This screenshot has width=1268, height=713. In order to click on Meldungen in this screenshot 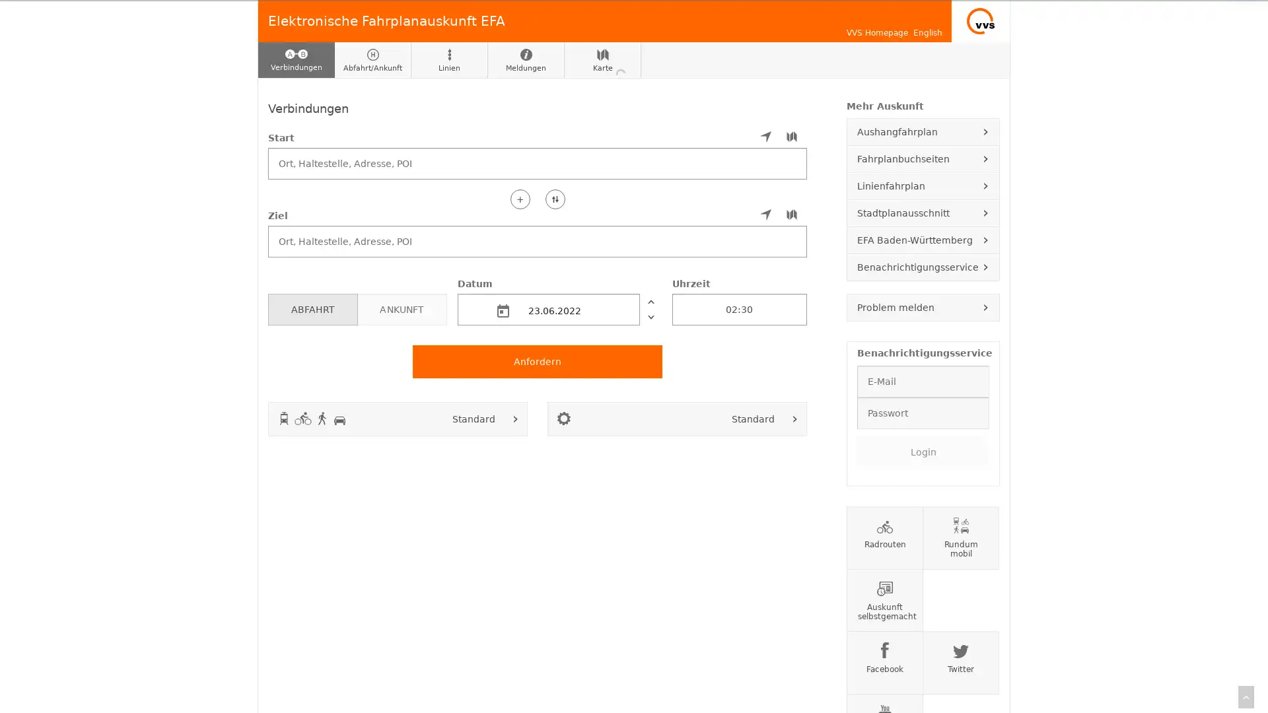, I will do `click(525, 60)`.